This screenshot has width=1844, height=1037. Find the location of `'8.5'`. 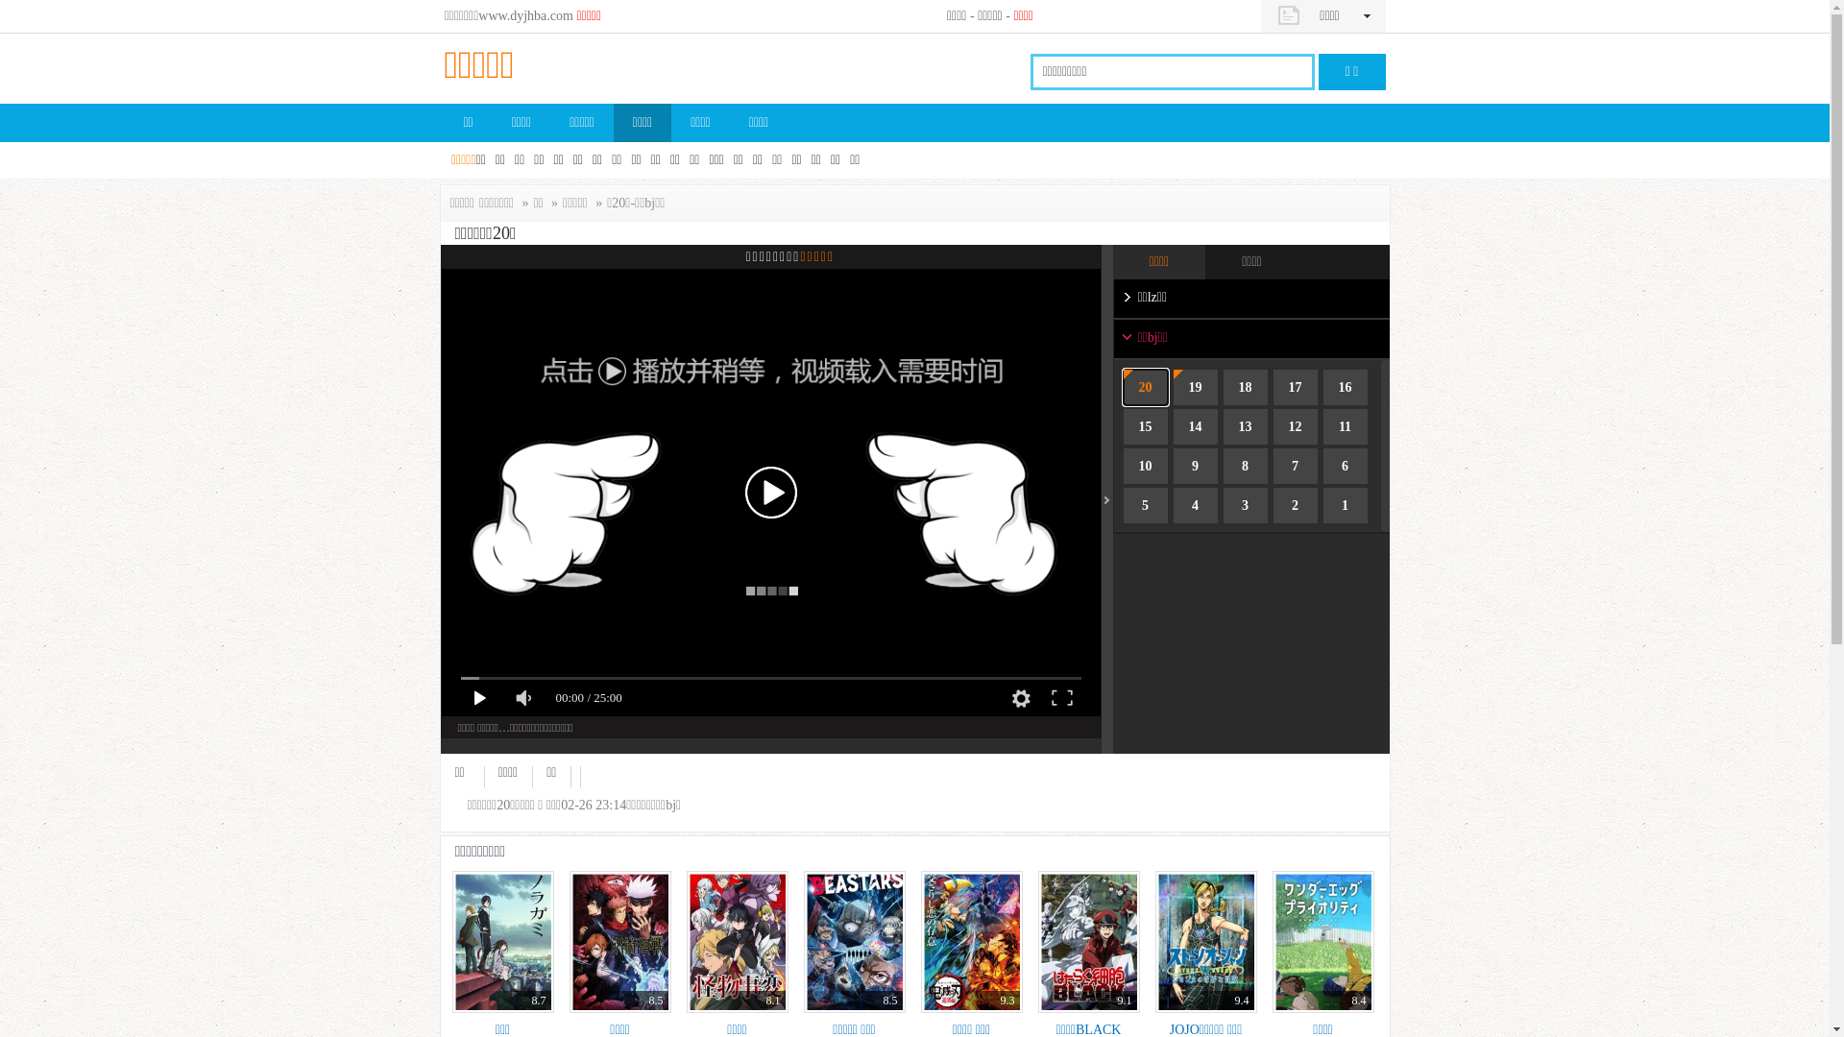

'8.5' is located at coordinates (852, 940).